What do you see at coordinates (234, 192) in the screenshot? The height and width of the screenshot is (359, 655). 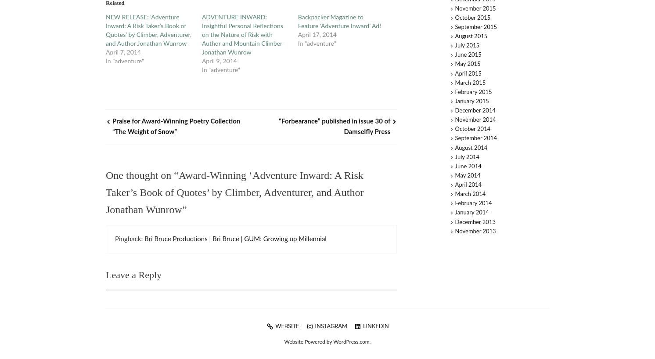 I see `'Award-Winning ‘Adventure Inward: A Risk Taker’s Book of Quotes’ by Climber, Adventurer, and Author Jonathan Wunrow'` at bounding box center [234, 192].